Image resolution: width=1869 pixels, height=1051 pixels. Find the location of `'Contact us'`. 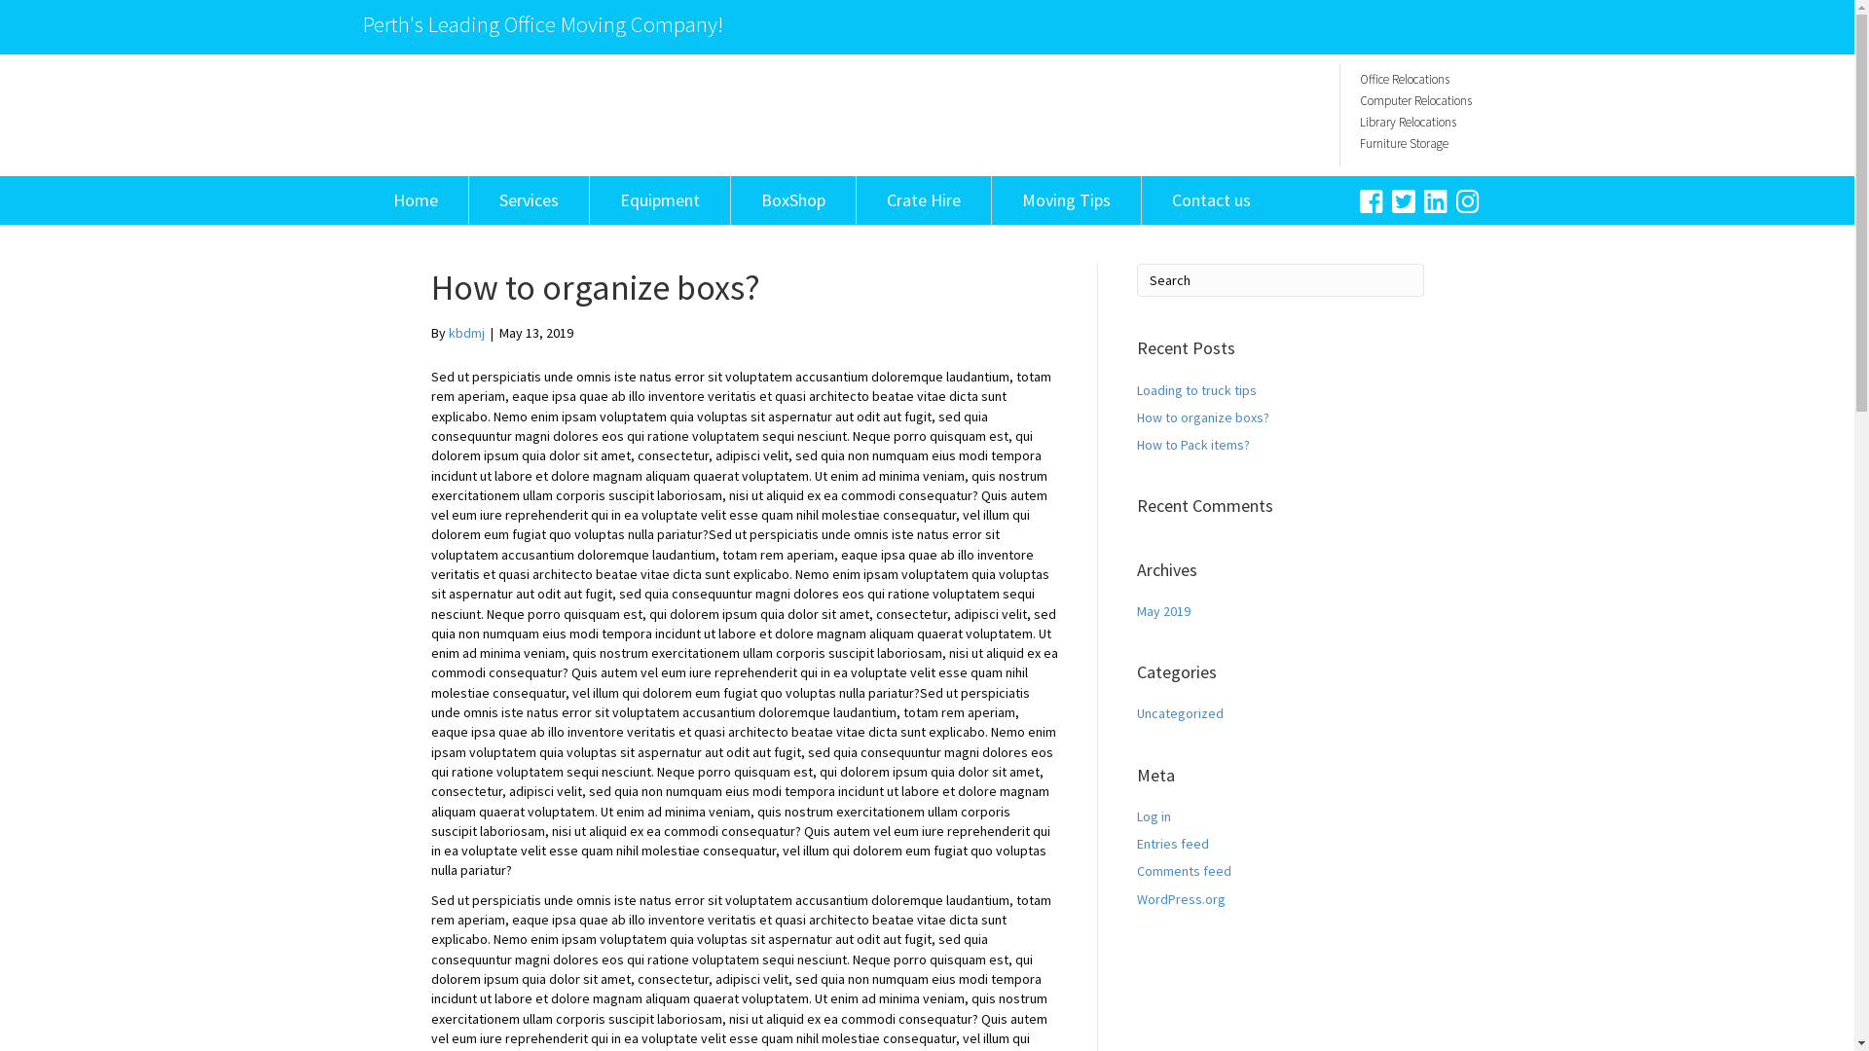

'Contact us' is located at coordinates (1209, 199).